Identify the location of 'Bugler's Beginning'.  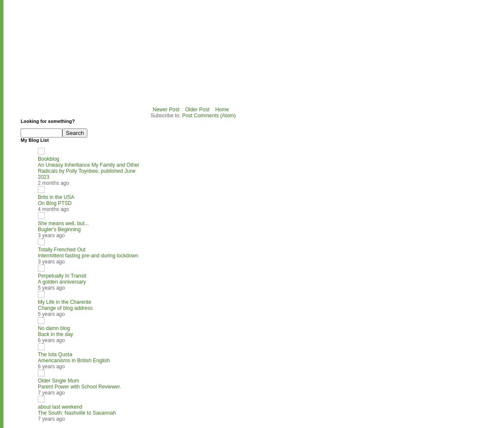
(58, 229).